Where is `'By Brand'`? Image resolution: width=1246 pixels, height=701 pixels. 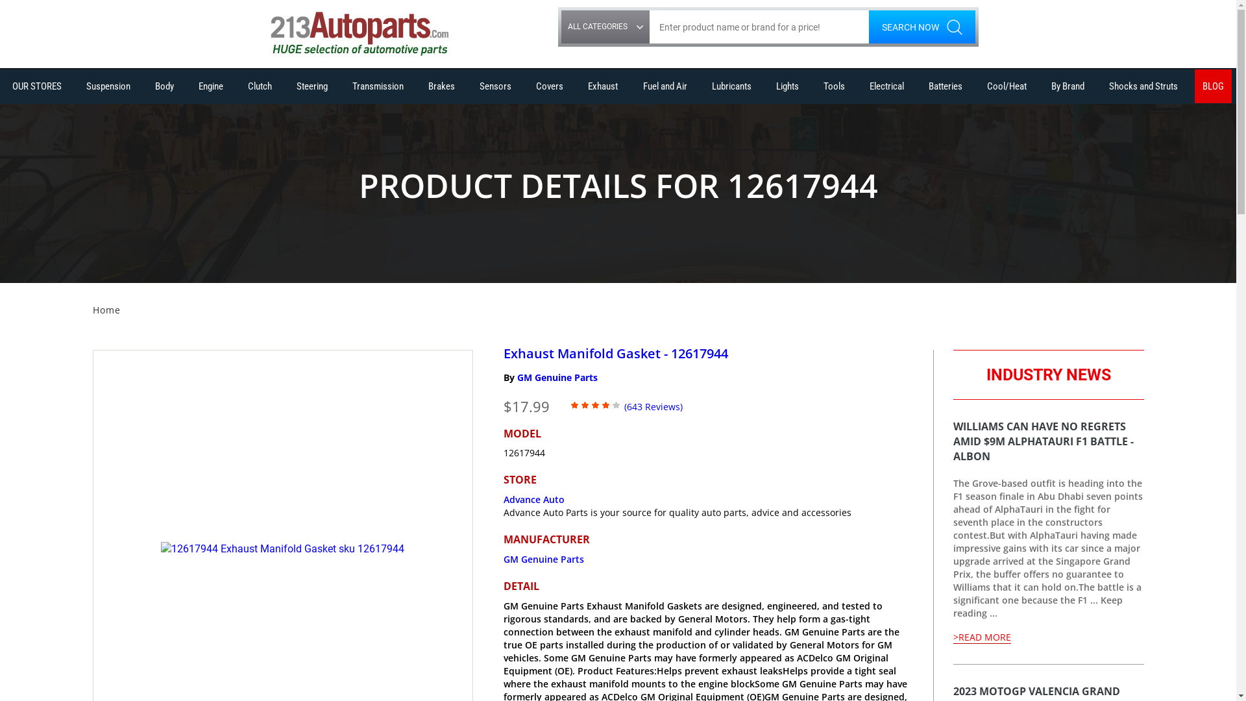 'By Brand' is located at coordinates (1068, 86).